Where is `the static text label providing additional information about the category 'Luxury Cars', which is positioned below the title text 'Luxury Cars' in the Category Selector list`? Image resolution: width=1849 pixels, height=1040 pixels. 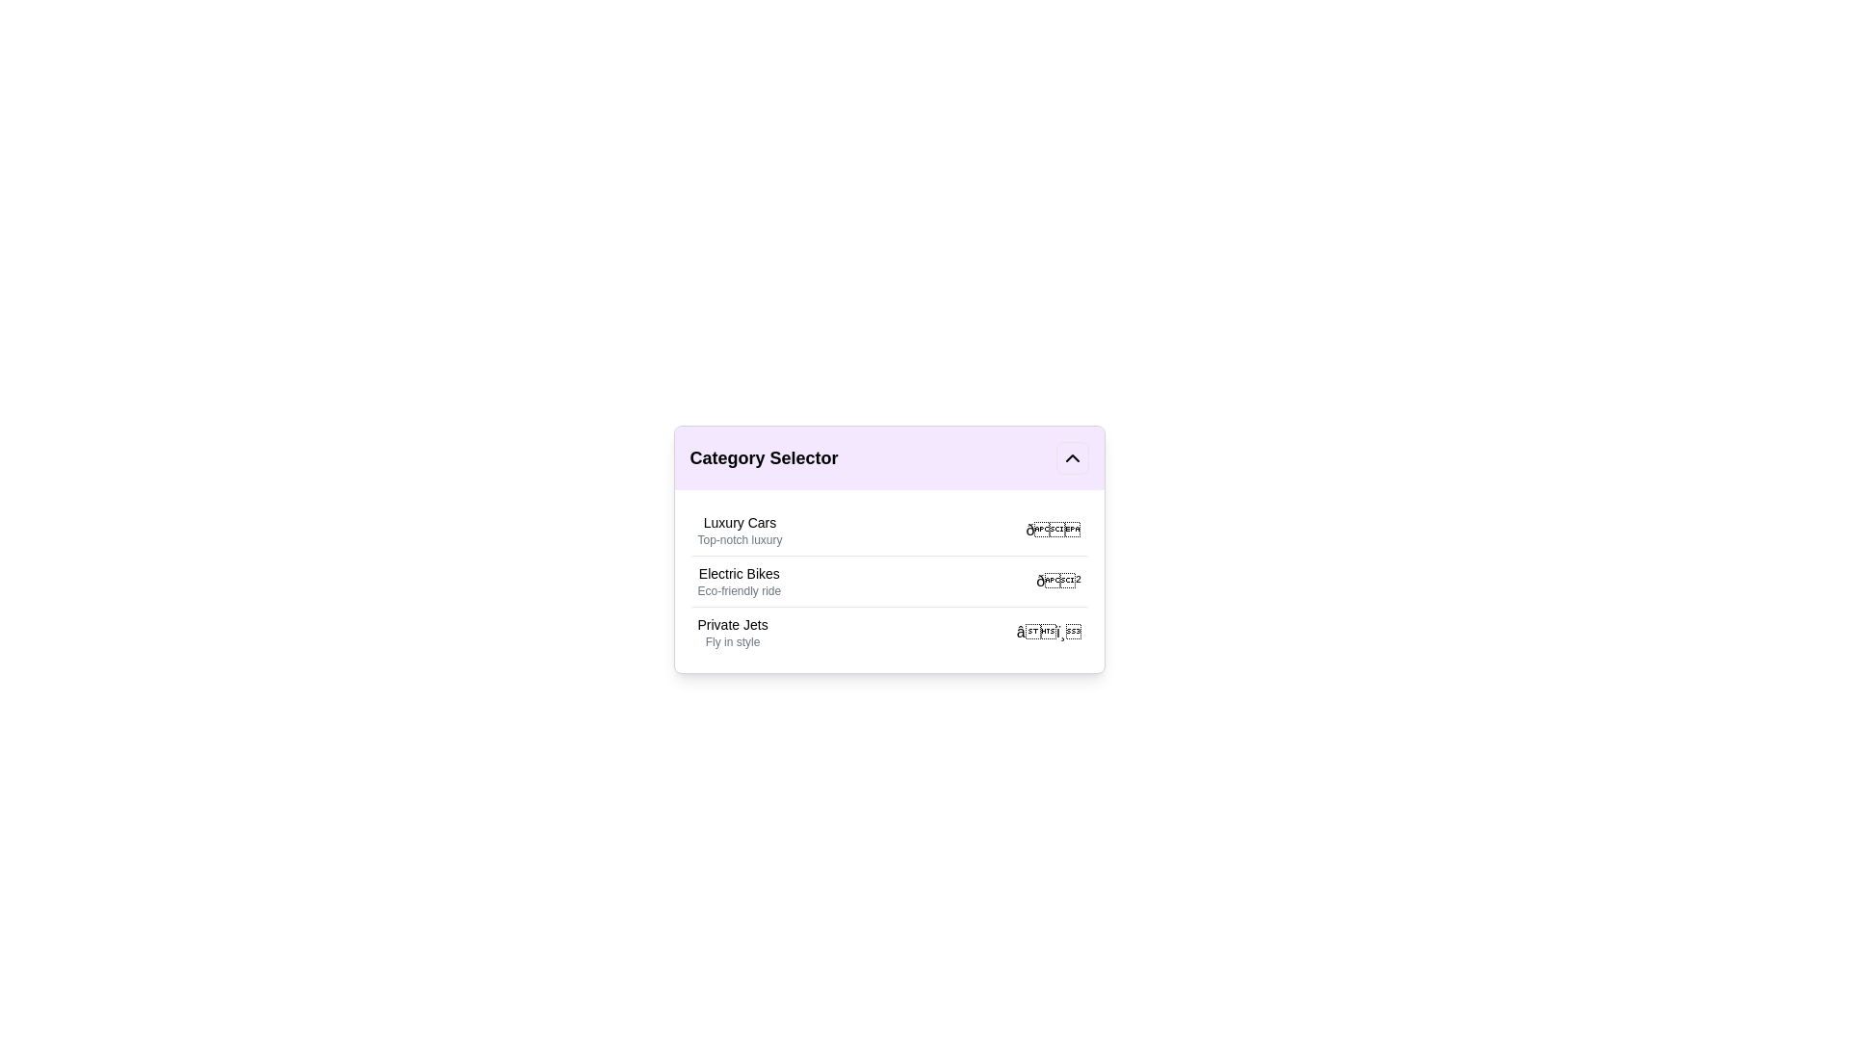
the static text label providing additional information about the category 'Luxury Cars', which is positioned below the title text 'Luxury Cars' in the Category Selector list is located at coordinates (739, 539).